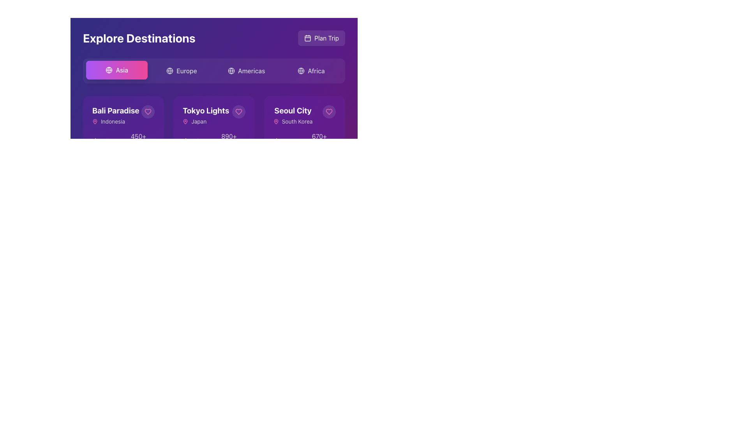  Describe the element at coordinates (116, 70) in the screenshot. I see `the button labeled 'Asia' with a gradient background transitioning from purple to pink` at that location.